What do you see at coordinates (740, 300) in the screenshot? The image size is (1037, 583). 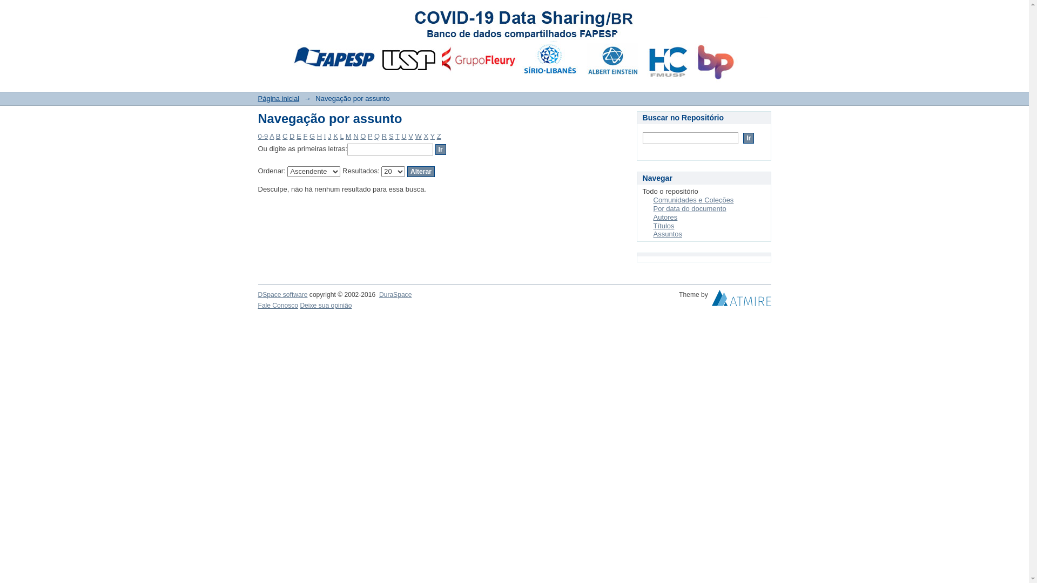 I see `'Atmire NV'` at bounding box center [740, 300].